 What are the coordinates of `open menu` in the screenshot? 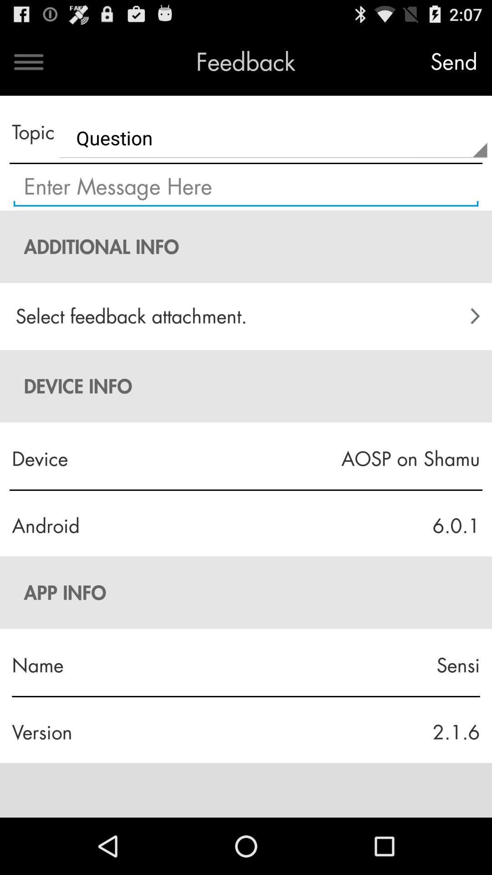 It's located at (28, 62).